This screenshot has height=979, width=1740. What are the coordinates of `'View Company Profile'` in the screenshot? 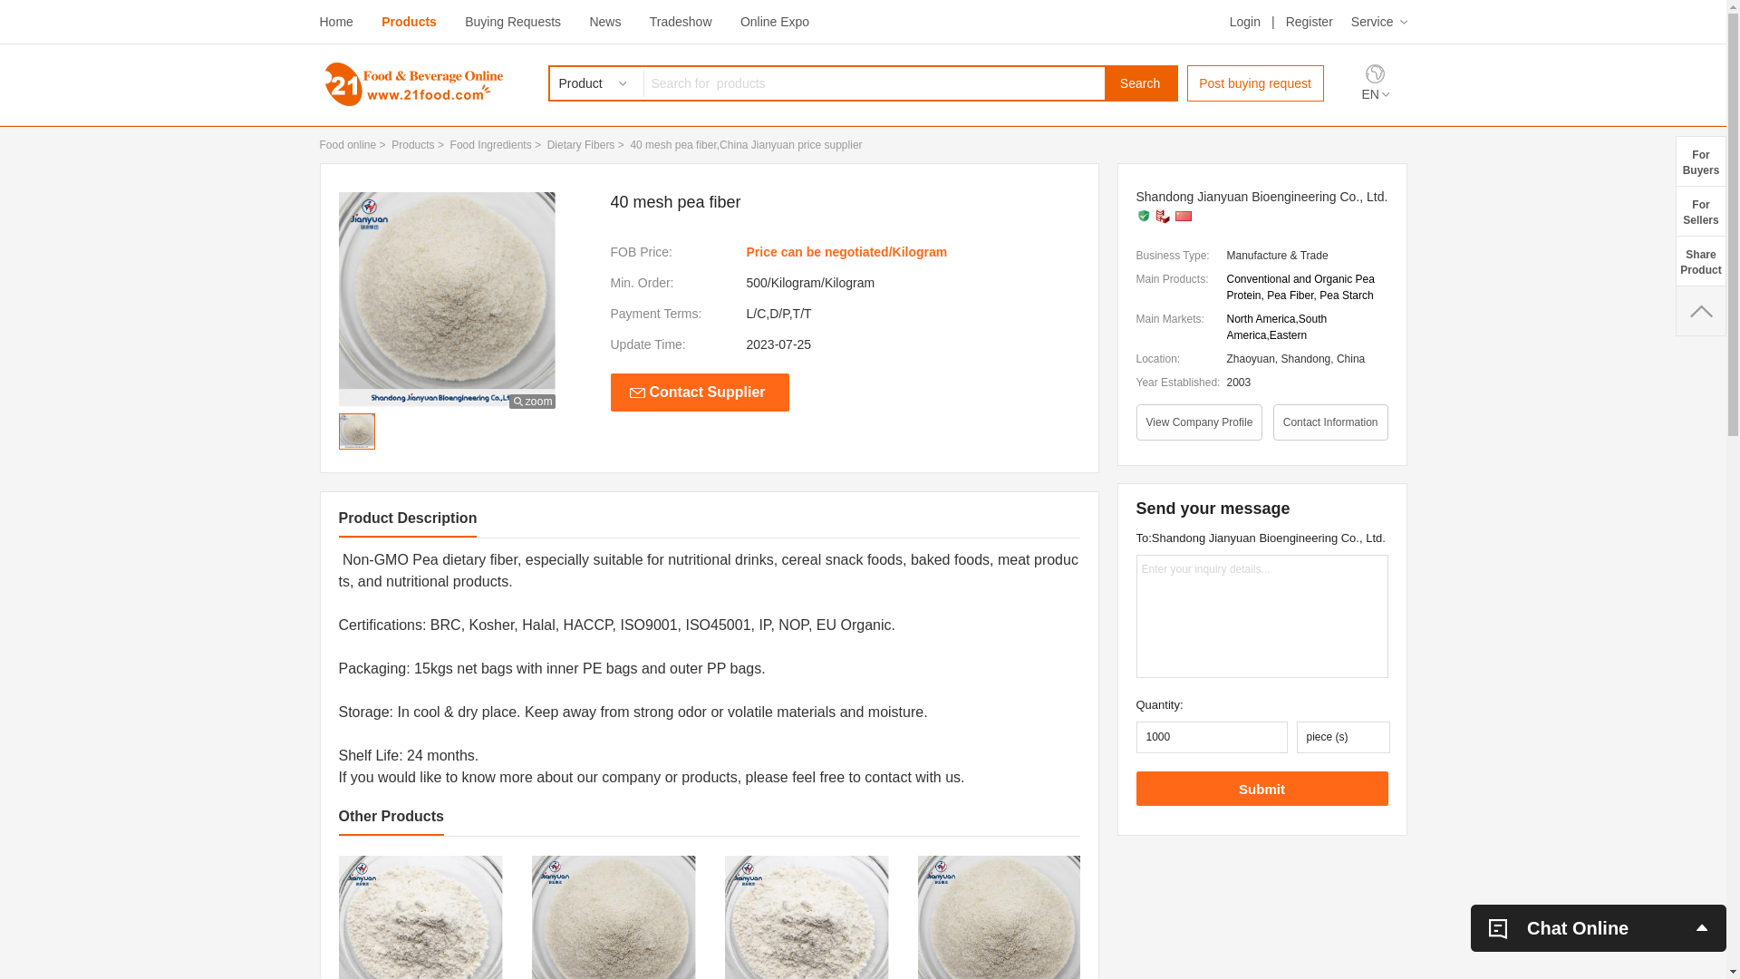 It's located at (1200, 422).